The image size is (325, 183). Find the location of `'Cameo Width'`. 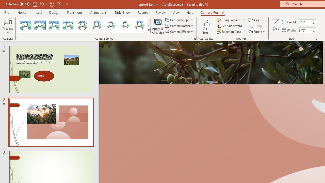

'Cameo Width' is located at coordinates (305, 30).